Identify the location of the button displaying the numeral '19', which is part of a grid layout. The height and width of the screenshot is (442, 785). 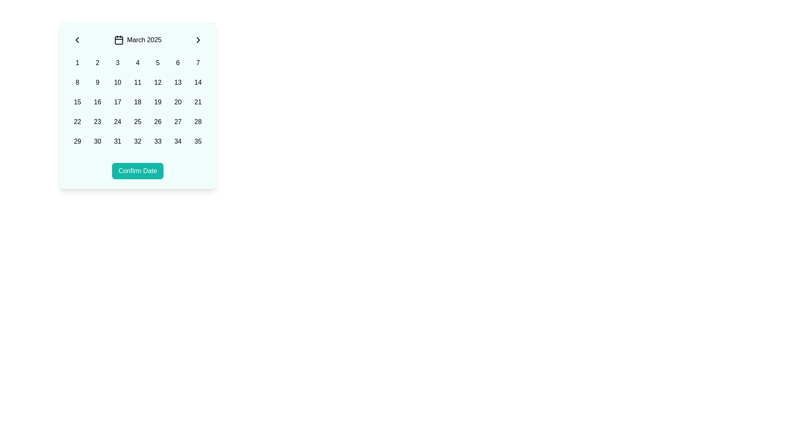
(158, 102).